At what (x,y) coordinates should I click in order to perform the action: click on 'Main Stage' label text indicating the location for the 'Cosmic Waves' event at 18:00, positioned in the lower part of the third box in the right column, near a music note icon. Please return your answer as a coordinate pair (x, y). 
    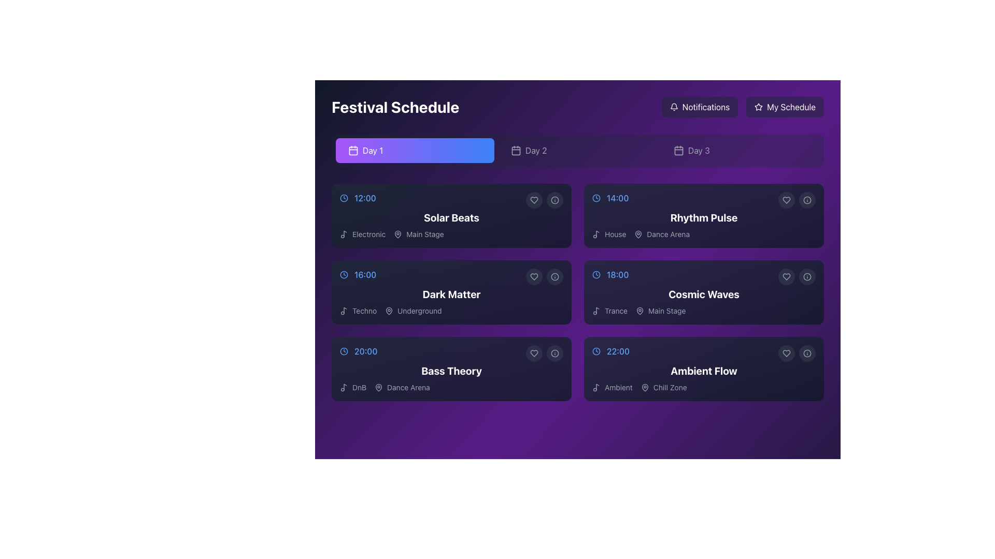
    Looking at the image, I should click on (667, 311).